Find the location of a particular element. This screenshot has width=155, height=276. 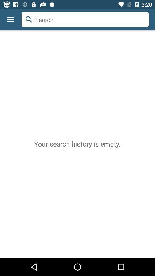

the icon above your search history icon is located at coordinates (21, 12).